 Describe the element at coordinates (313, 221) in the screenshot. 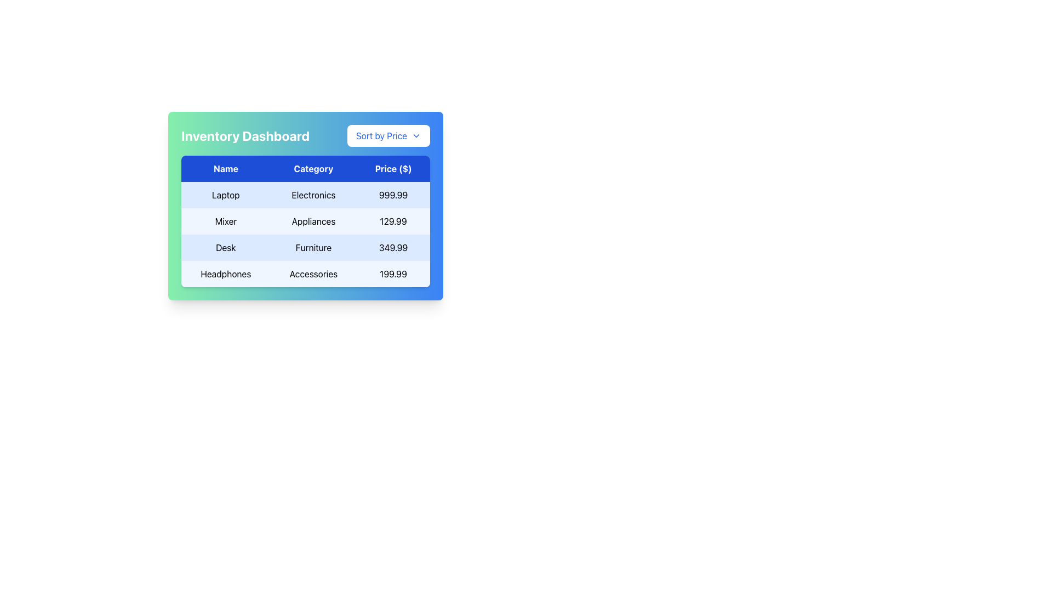

I see `the 'Category' text label indicating 'Mixer' in the Inventory Dashboard table, located in the second column of the second row` at that location.